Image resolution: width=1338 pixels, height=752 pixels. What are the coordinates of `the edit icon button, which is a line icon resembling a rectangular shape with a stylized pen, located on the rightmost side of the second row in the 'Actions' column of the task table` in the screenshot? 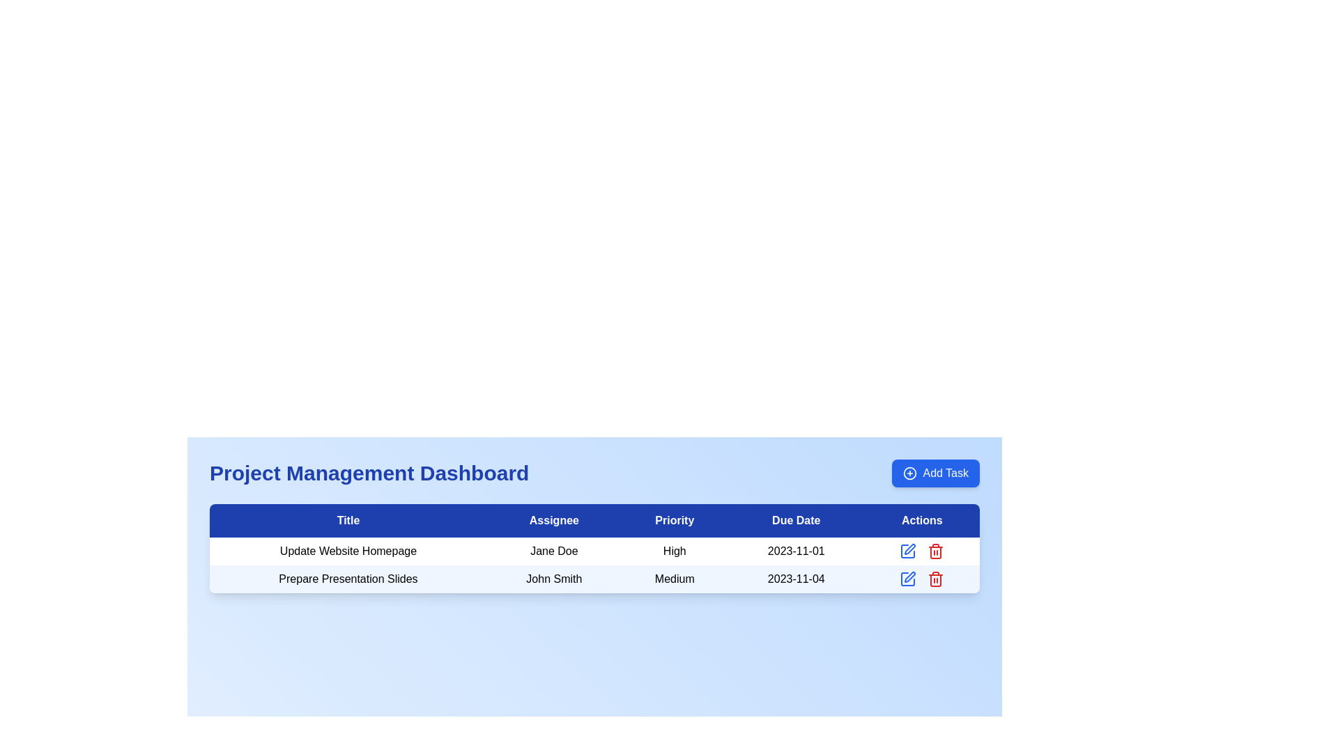 It's located at (908, 579).